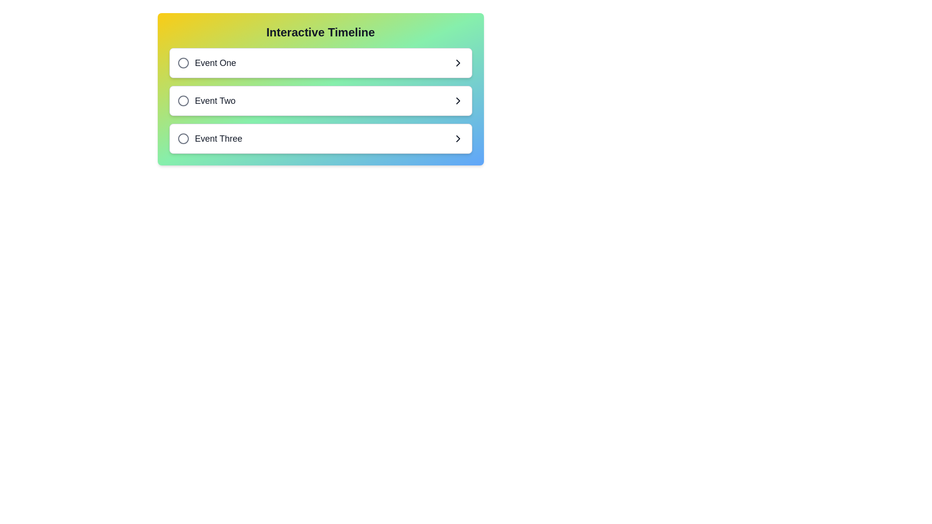 Image resolution: width=932 pixels, height=524 pixels. What do you see at coordinates (320, 101) in the screenshot?
I see `the second card in the vertical list of three cards within the 'Interactive Timeline' section` at bounding box center [320, 101].